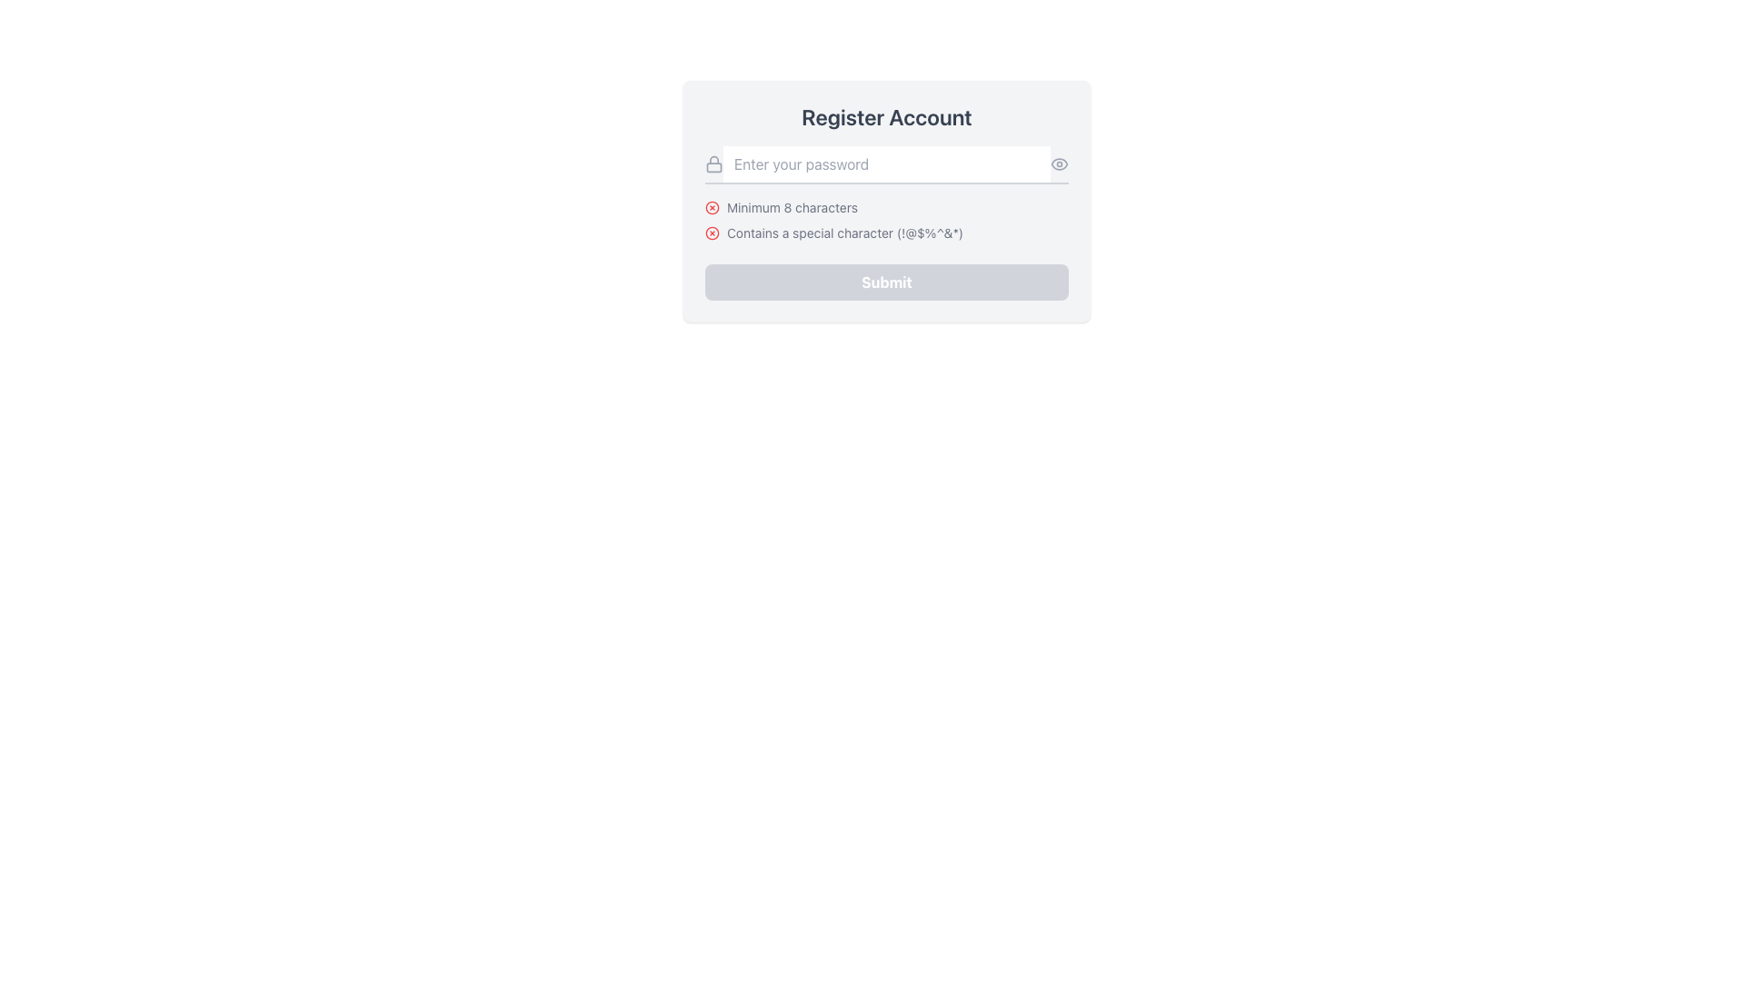 Image resolution: width=1745 pixels, height=981 pixels. What do you see at coordinates (793, 206) in the screenshot?
I see `the text label displaying 'Minimum 8 characters', which indicates password validation criteria and is styled in a small gray font, located below the password input field` at bounding box center [793, 206].